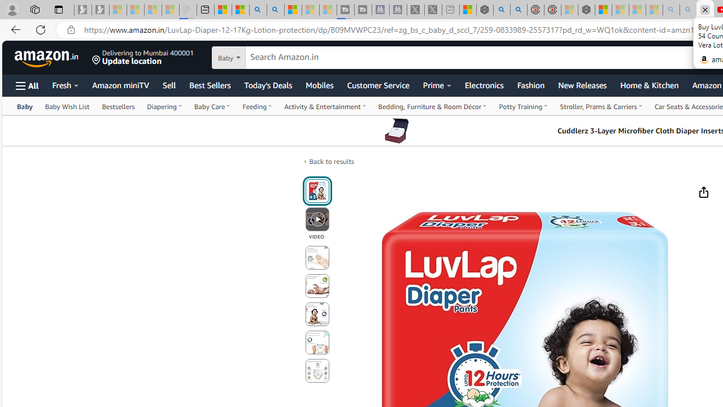 Image resolution: width=723 pixels, height=407 pixels. What do you see at coordinates (501, 10) in the screenshot?
I see `'poe - Search'` at bounding box center [501, 10].